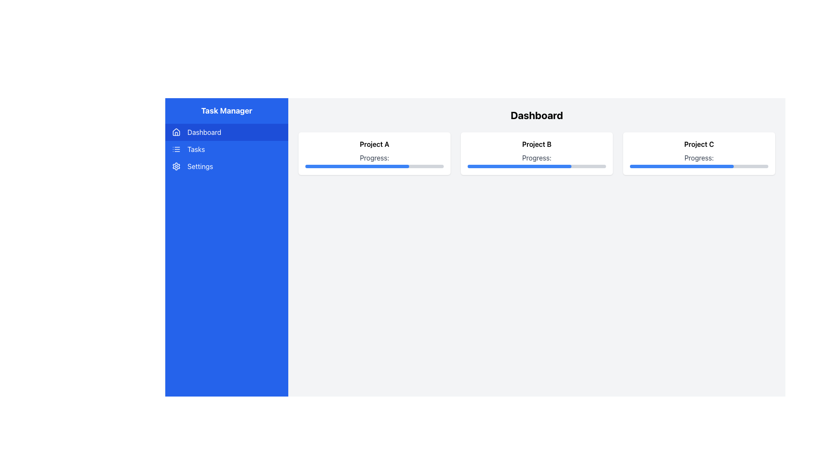 The width and height of the screenshot is (820, 461). Describe the element at coordinates (199, 166) in the screenshot. I see `the 'Settings' text label in the navigation menu` at that location.